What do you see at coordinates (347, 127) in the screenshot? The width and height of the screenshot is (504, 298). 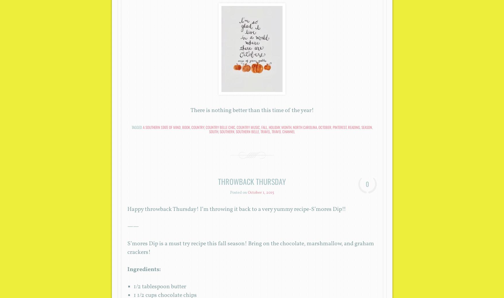 I see `'reading'` at bounding box center [347, 127].